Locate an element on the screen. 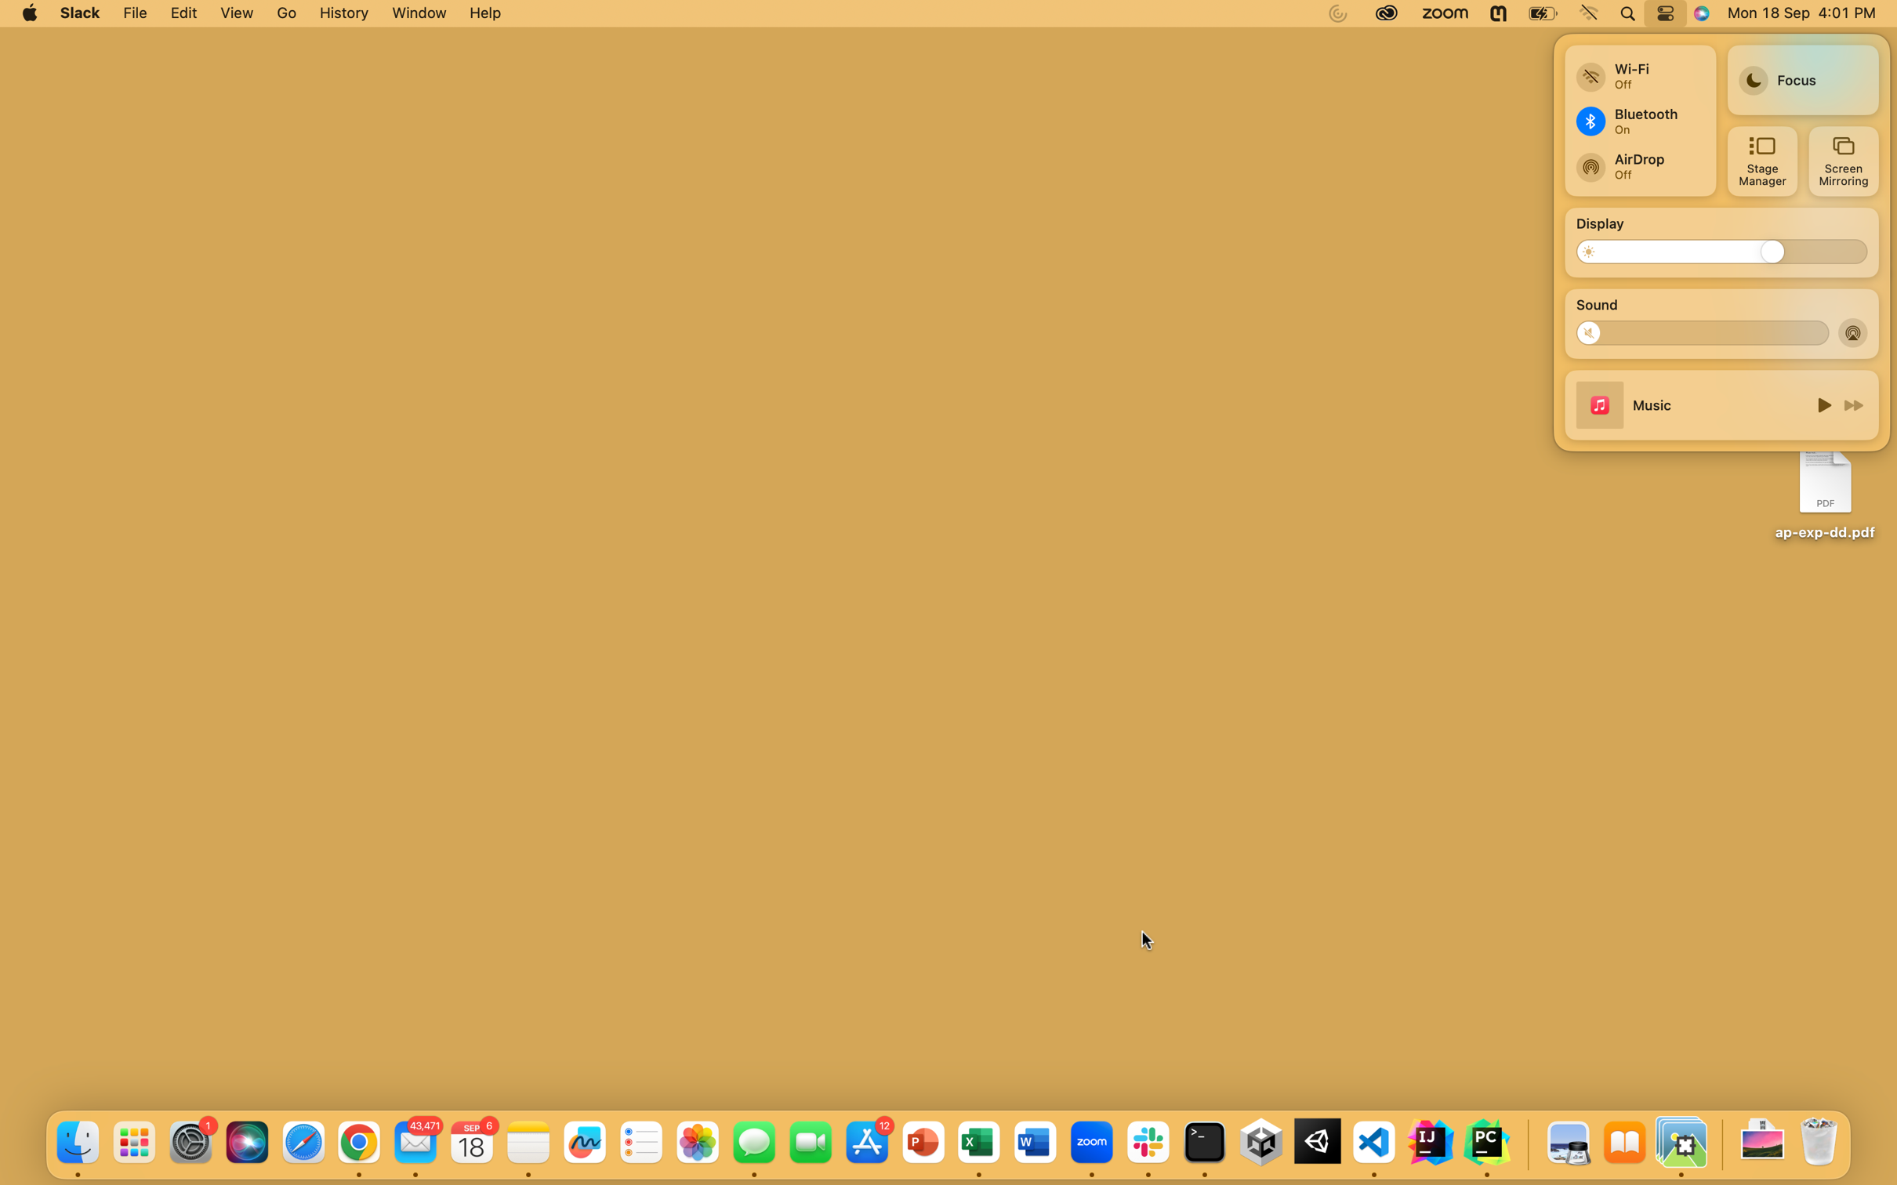 Image resolution: width=1897 pixels, height=1185 pixels. Activate screen mirroring feature is located at coordinates (1841, 161).